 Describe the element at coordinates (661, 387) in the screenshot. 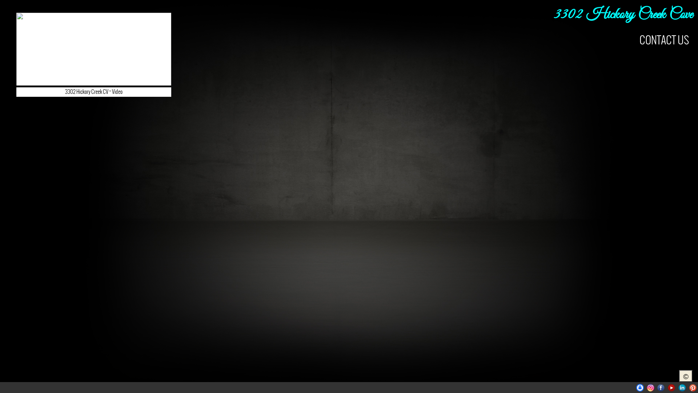

I see `'Facebook'` at that location.